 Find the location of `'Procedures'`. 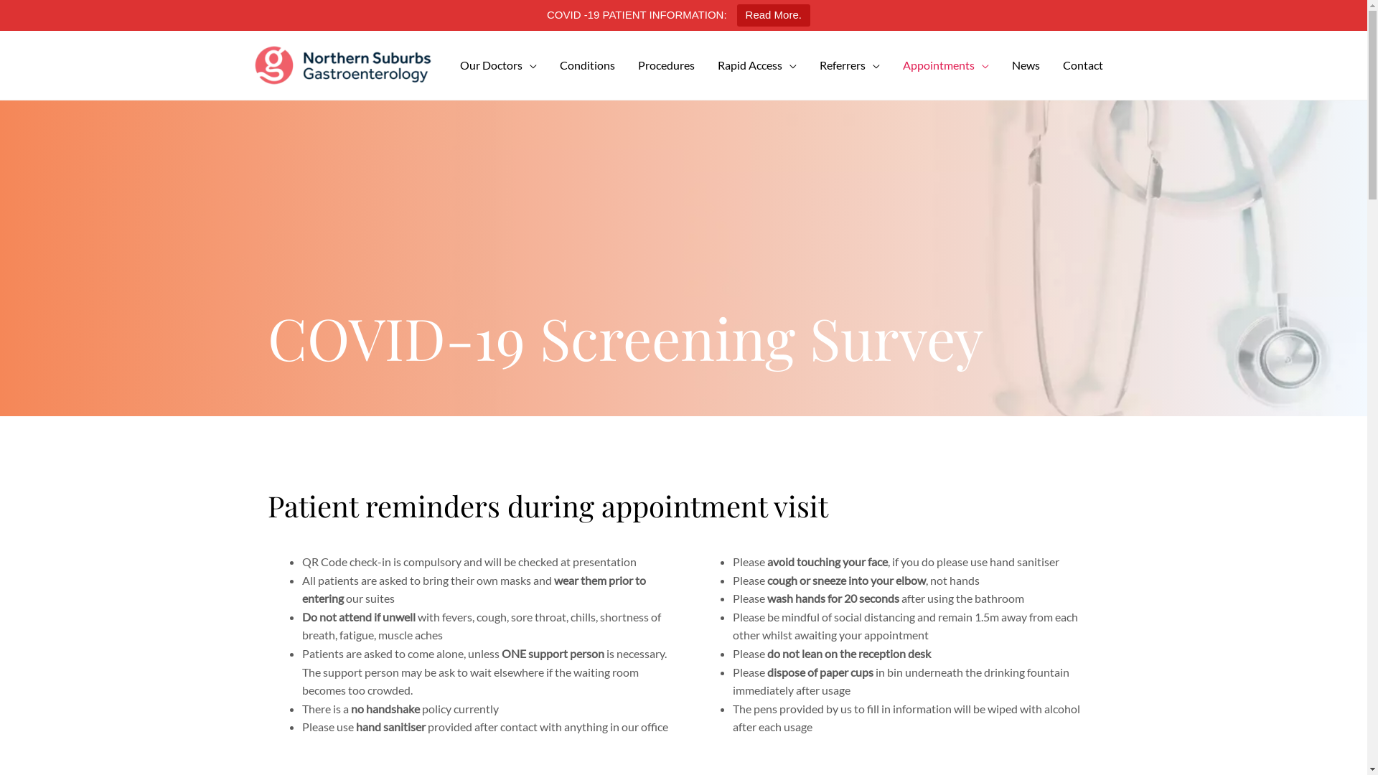

'Procedures' is located at coordinates (626, 65).